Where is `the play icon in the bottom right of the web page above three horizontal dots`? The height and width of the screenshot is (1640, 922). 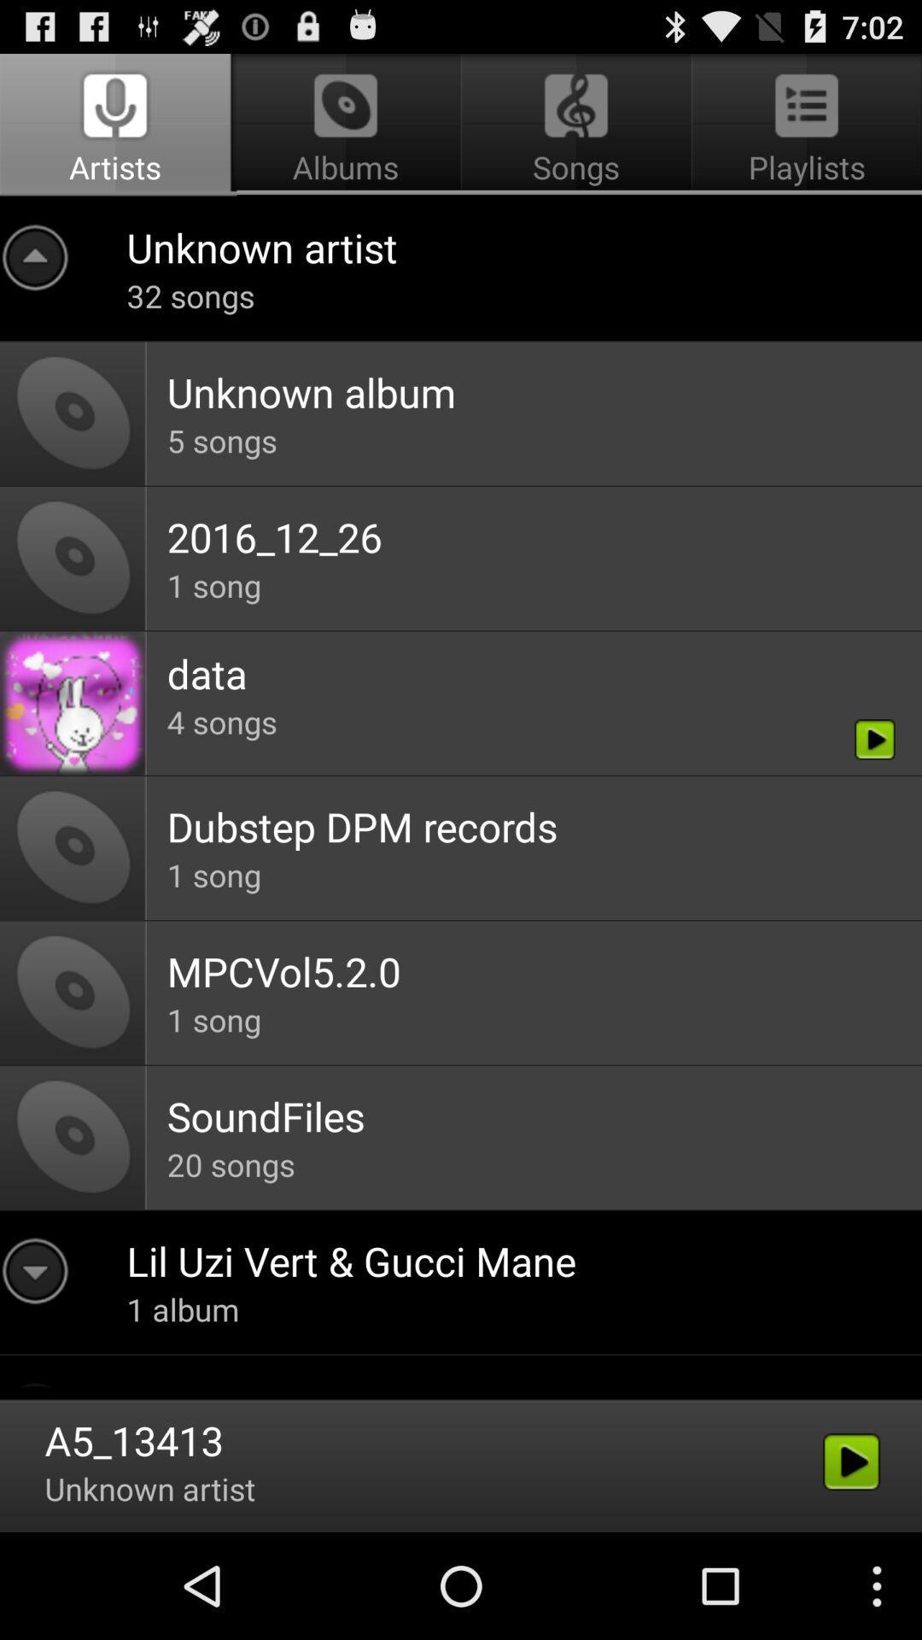 the play icon in the bottom right of the web page above three horizontal dots is located at coordinates (852, 1461).